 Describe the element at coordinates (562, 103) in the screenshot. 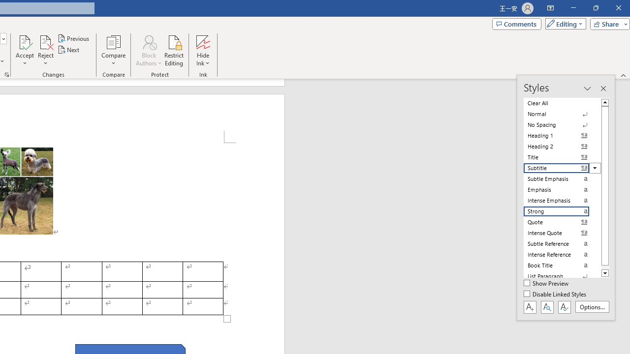

I see `'Clear All'` at that location.